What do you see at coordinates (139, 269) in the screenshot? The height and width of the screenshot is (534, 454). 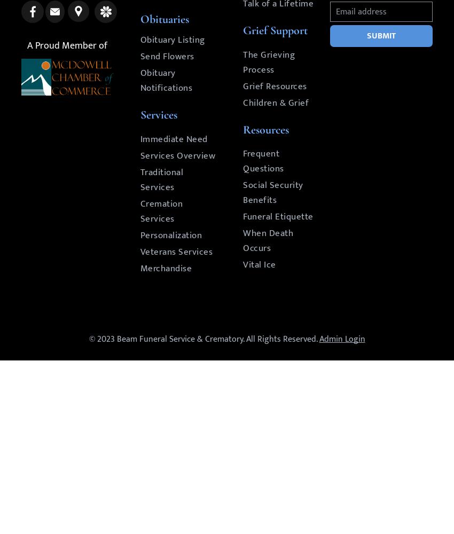 I see `'Merchandise'` at bounding box center [139, 269].